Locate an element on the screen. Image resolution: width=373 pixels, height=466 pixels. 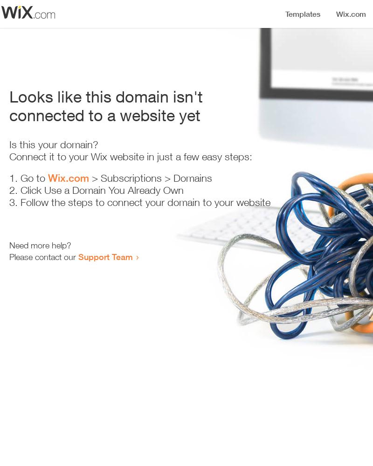
'Follow the steps to connect your domain to your website' is located at coordinates (145, 202).